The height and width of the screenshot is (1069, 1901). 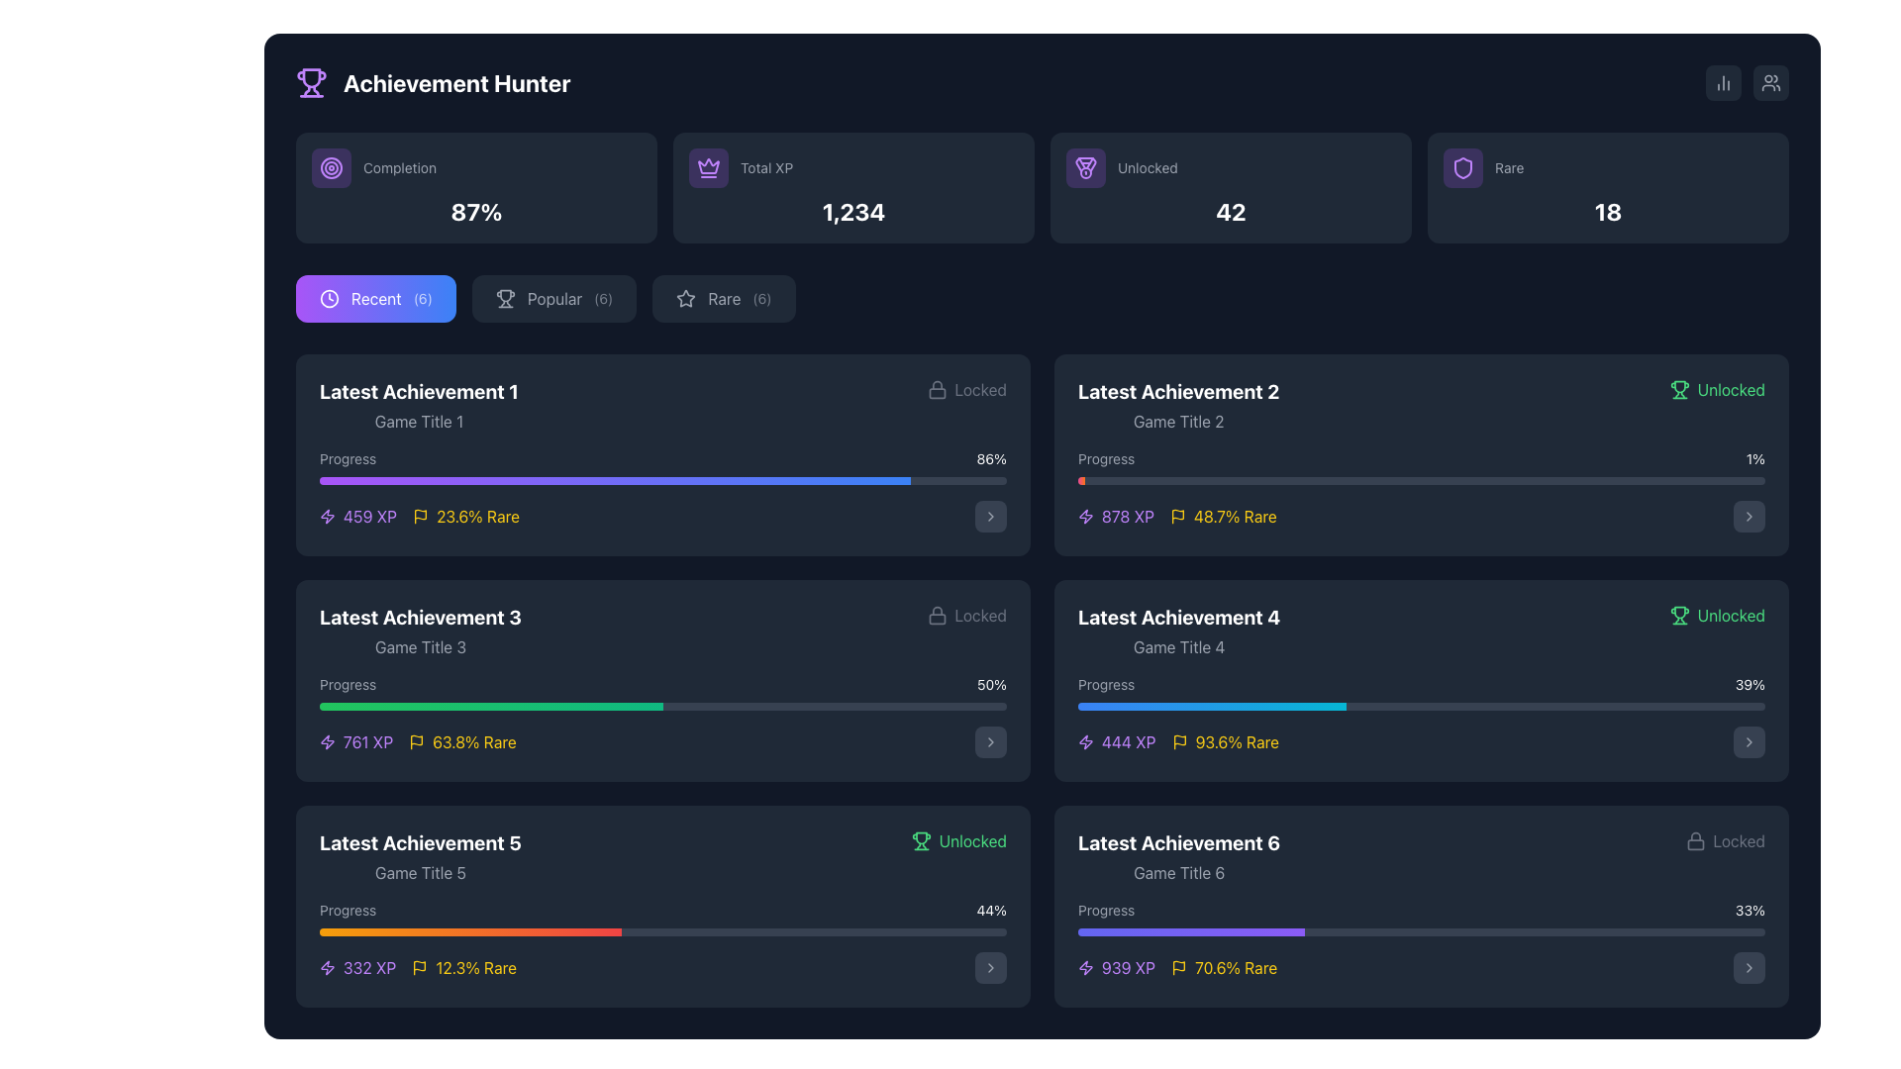 I want to click on the SVG-based chevron icon located inside the button structure on the right side of the 'Latest Achievement 2' progress block, so click(x=991, y=741).